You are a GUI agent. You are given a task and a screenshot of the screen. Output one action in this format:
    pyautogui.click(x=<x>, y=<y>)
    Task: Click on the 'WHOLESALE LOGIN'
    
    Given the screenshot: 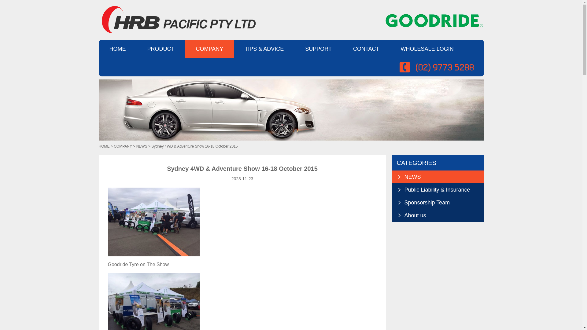 What is the action you would take?
    pyautogui.click(x=390, y=48)
    